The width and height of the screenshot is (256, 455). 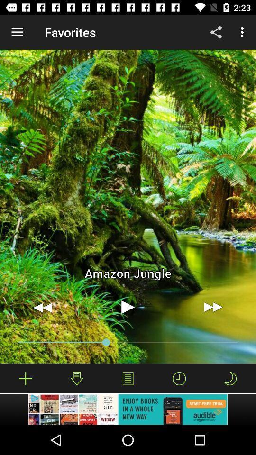 I want to click on options, so click(x=128, y=378).